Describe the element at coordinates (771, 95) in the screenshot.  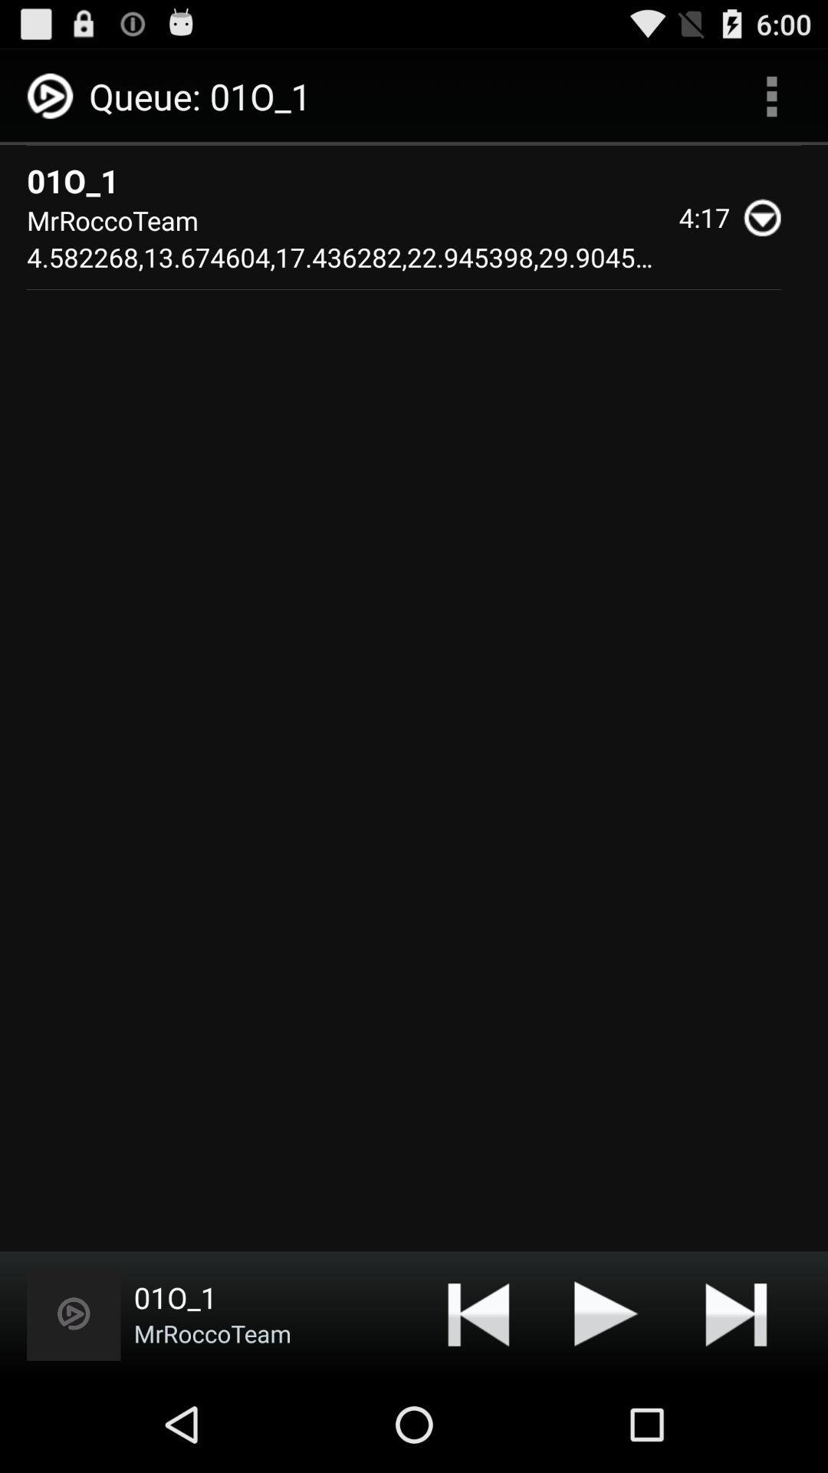
I see `icon next to the 01o_1 item` at that location.